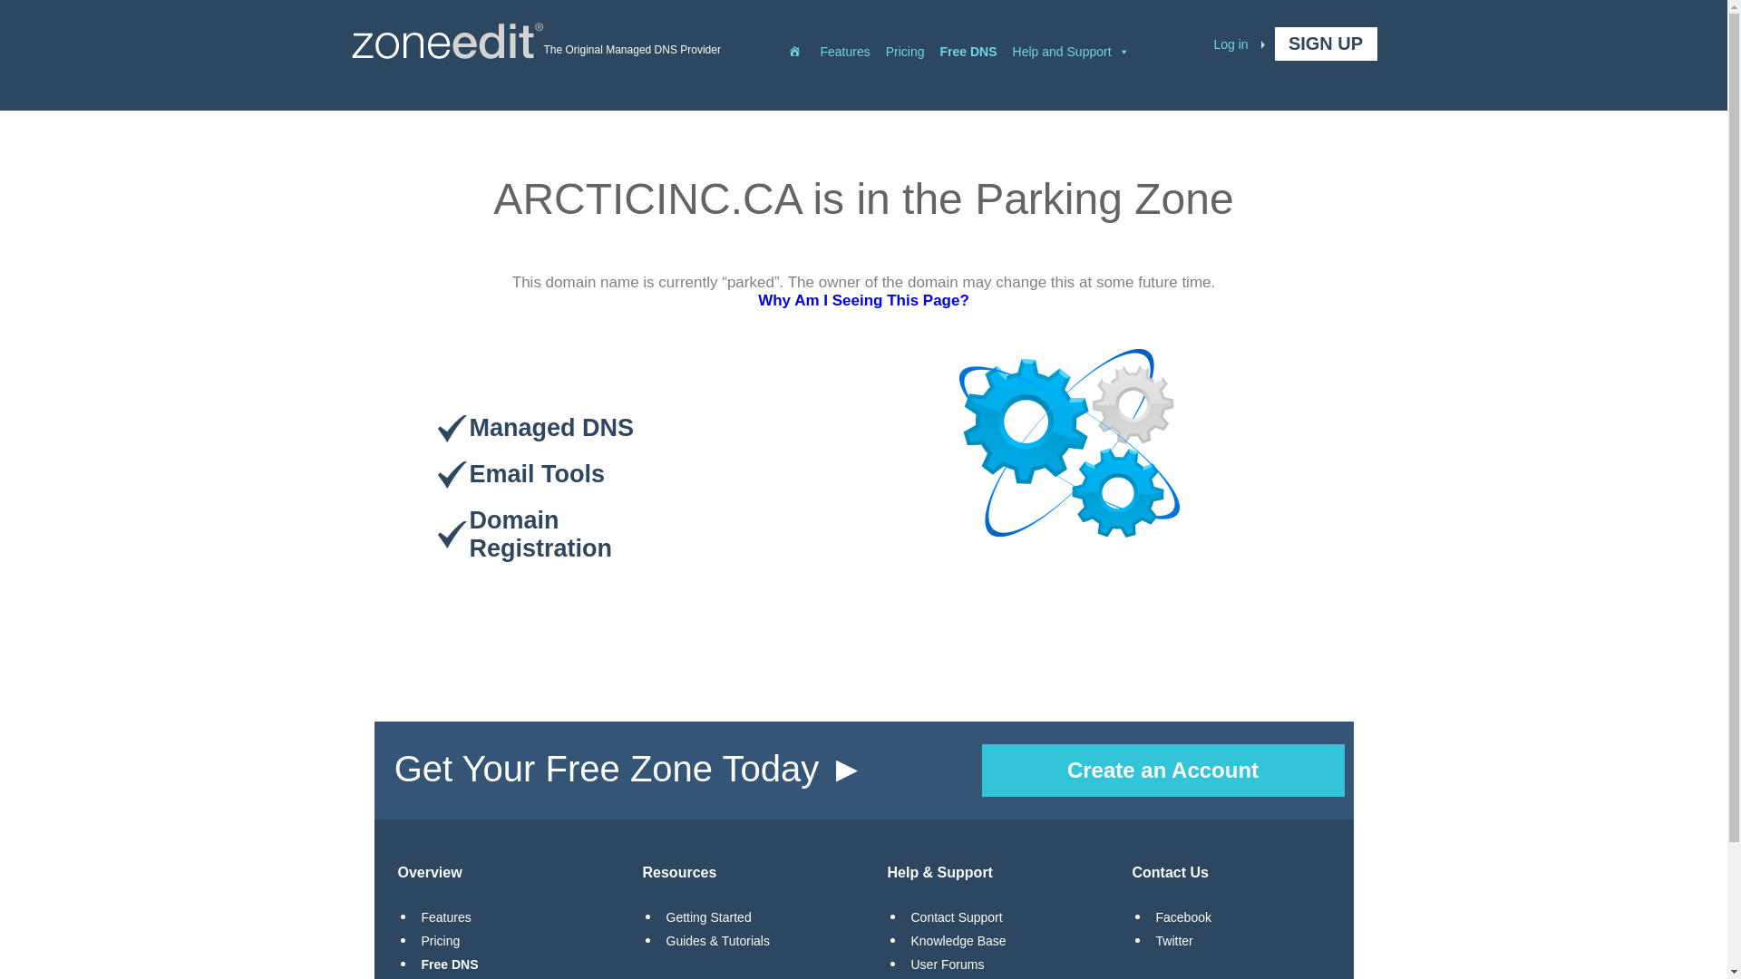 This screenshot has height=979, width=1741. Describe the element at coordinates (707, 916) in the screenshot. I see `'Getting Started'` at that location.